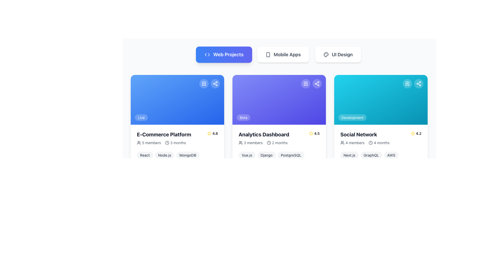 The image size is (497, 280). What do you see at coordinates (207, 55) in the screenshot?
I see `SVG Icon resembling a code symbol, which is located on the left side of the 'Web Projects' button in the navigation bar` at bounding box center [207, 55].